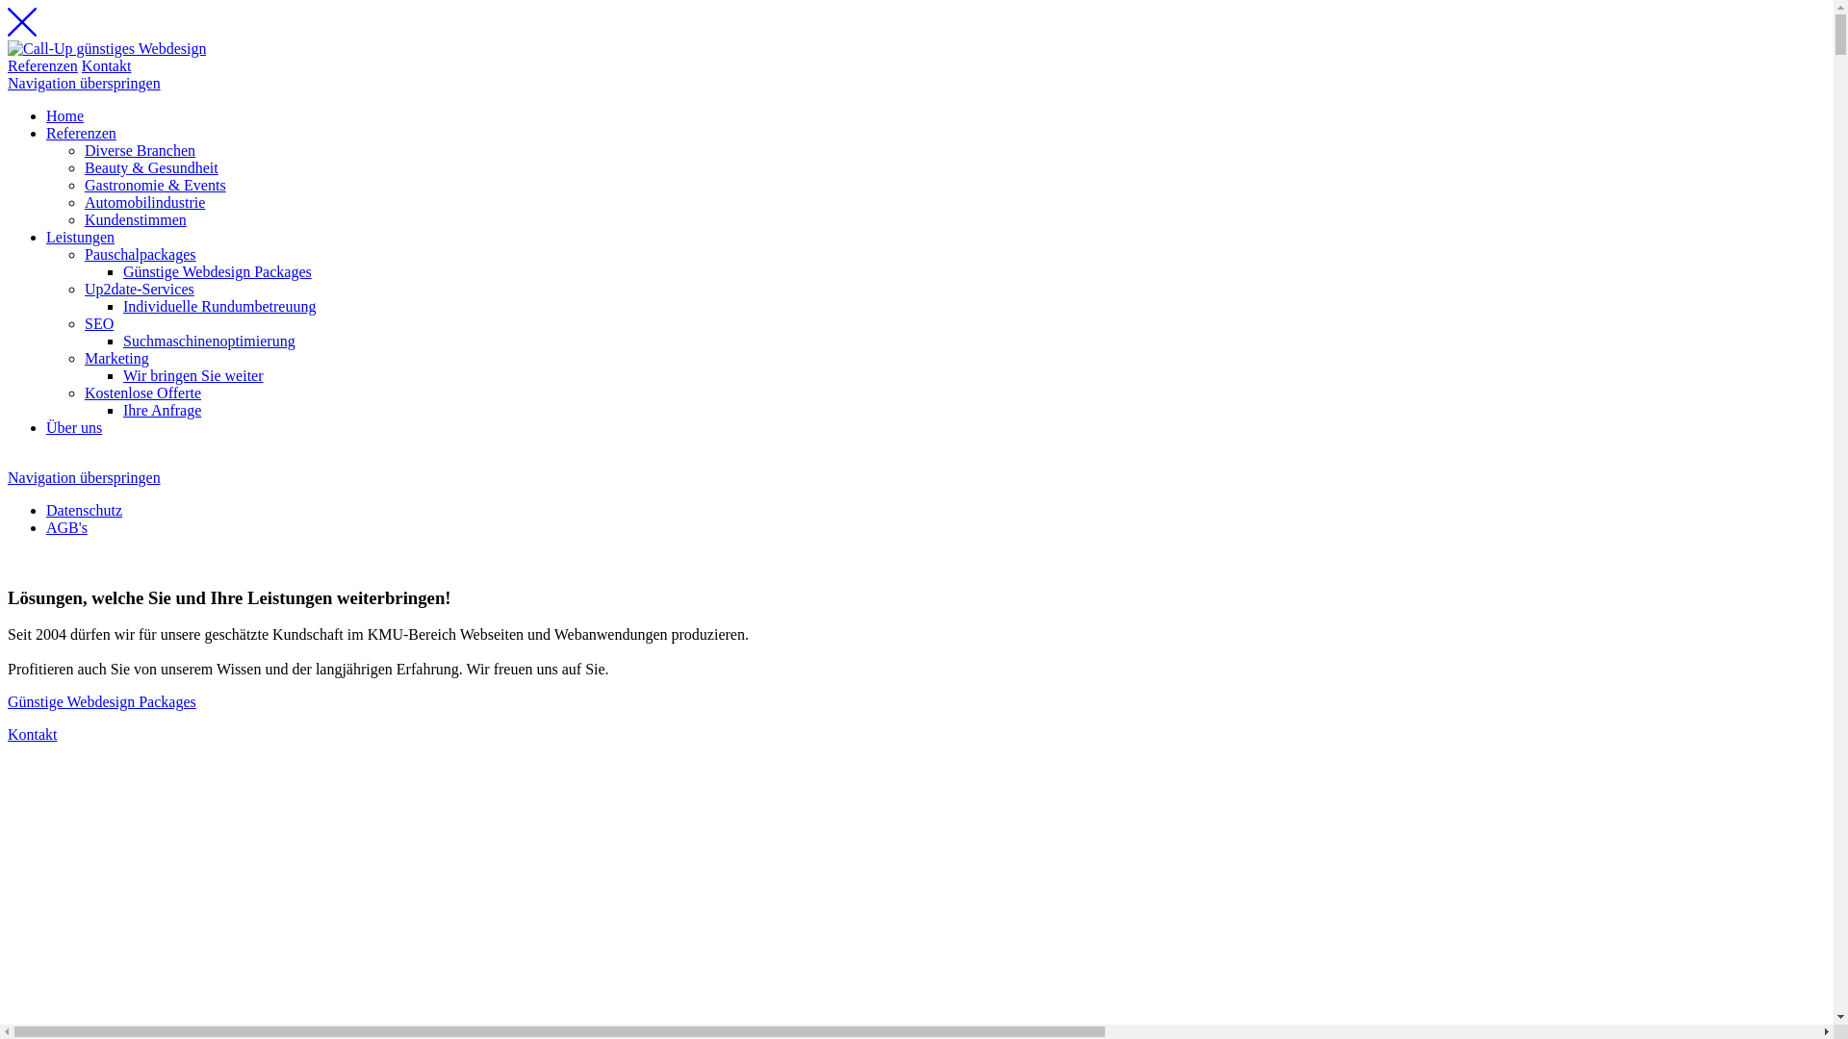 The width and height of the screenshot is (1848, 1039). Describe the element at coordinates (80, 132) in the screenshot. I see `'Referenzen'` at that location.